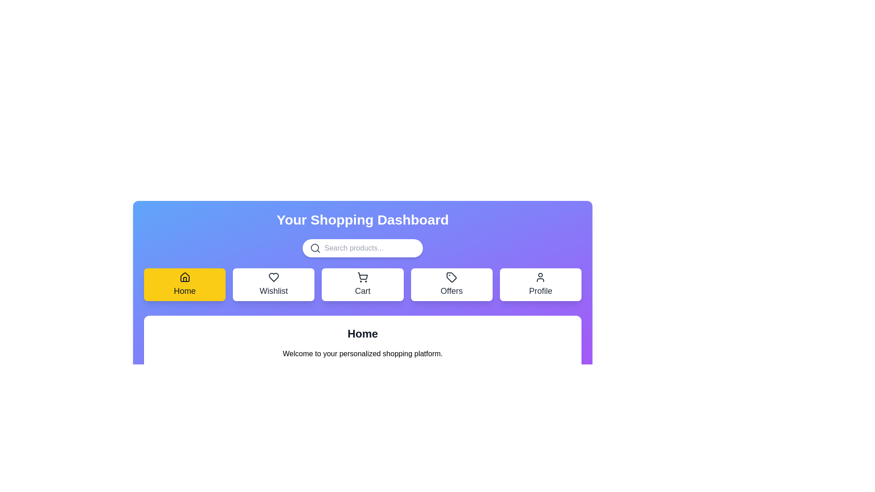 The width and height of the screenshot is (875, 492). What do you see at coordinates (362, 277) in the screenshot?
I see `the 'Cart' button, which is the third button in the navigation panel, located between 'Wishlist' and 'Offers'` at bounding box center [362, 277].